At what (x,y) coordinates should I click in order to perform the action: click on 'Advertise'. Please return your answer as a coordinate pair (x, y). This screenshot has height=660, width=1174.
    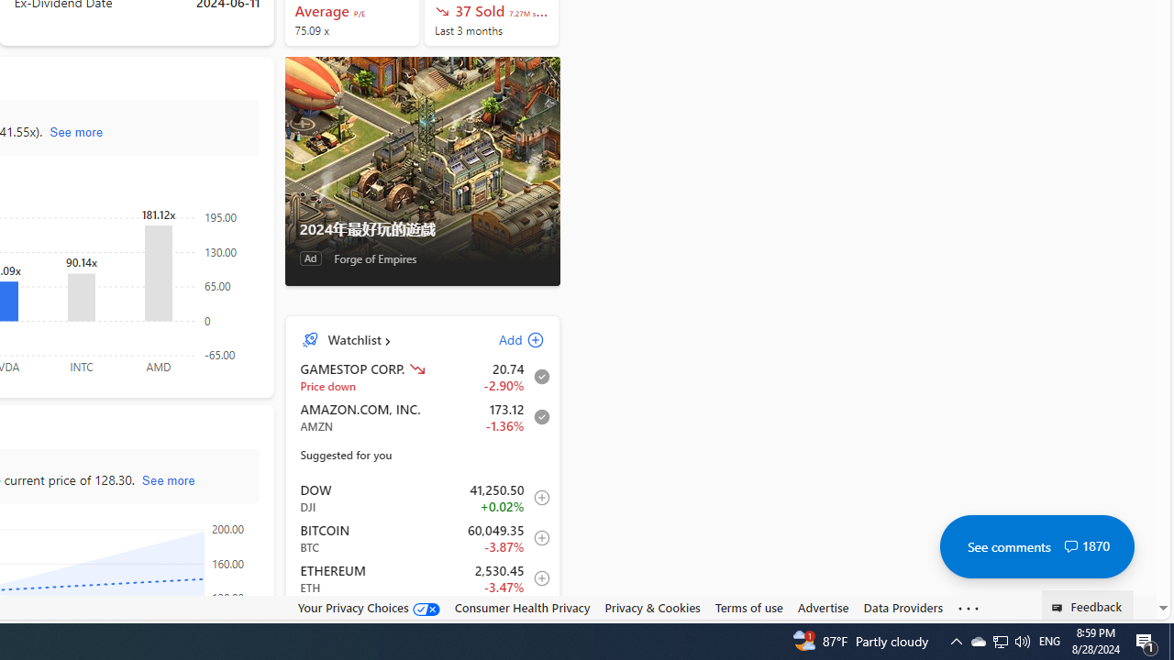
    Looking at the image, I should click on (822, 607).